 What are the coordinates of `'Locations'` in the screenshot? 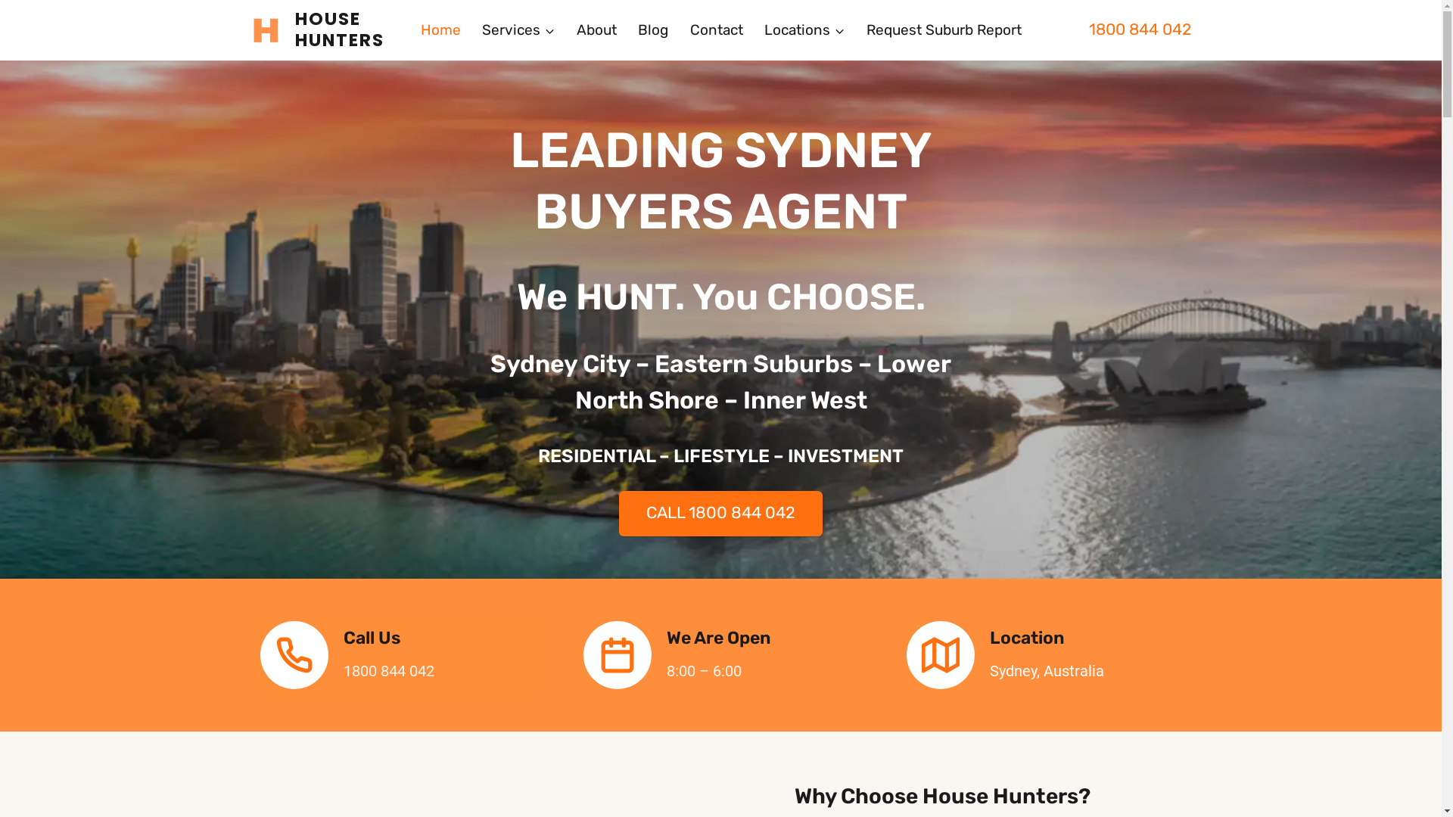 It's located at (804, 30).